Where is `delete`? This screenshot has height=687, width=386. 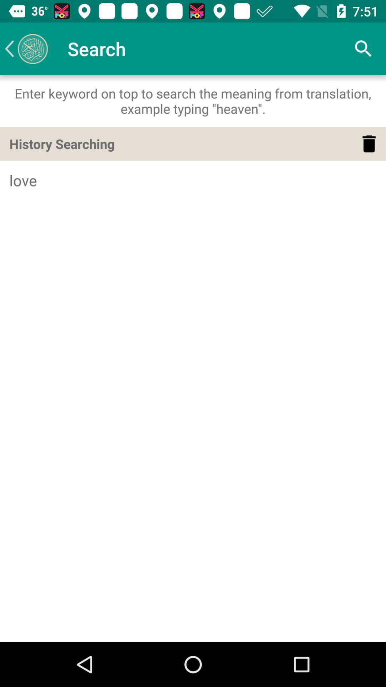
delete is located at coordinates (369, 143).